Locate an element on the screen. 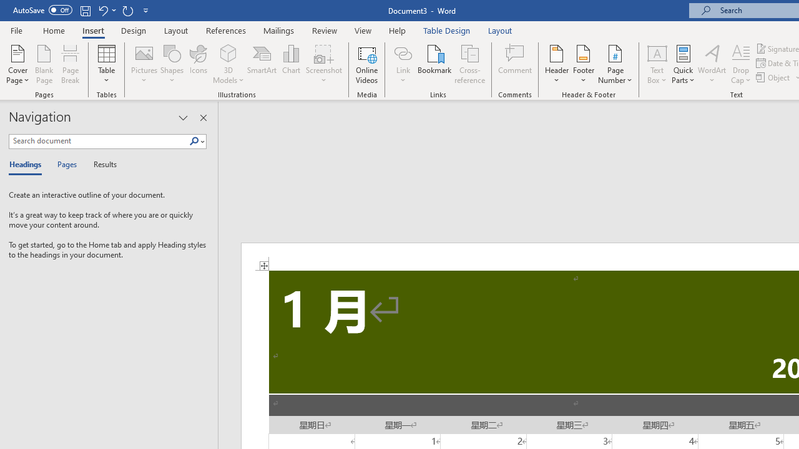 This screenshot has height=449, width=799. 'Blank Page' is located at coordinates (44, 64).